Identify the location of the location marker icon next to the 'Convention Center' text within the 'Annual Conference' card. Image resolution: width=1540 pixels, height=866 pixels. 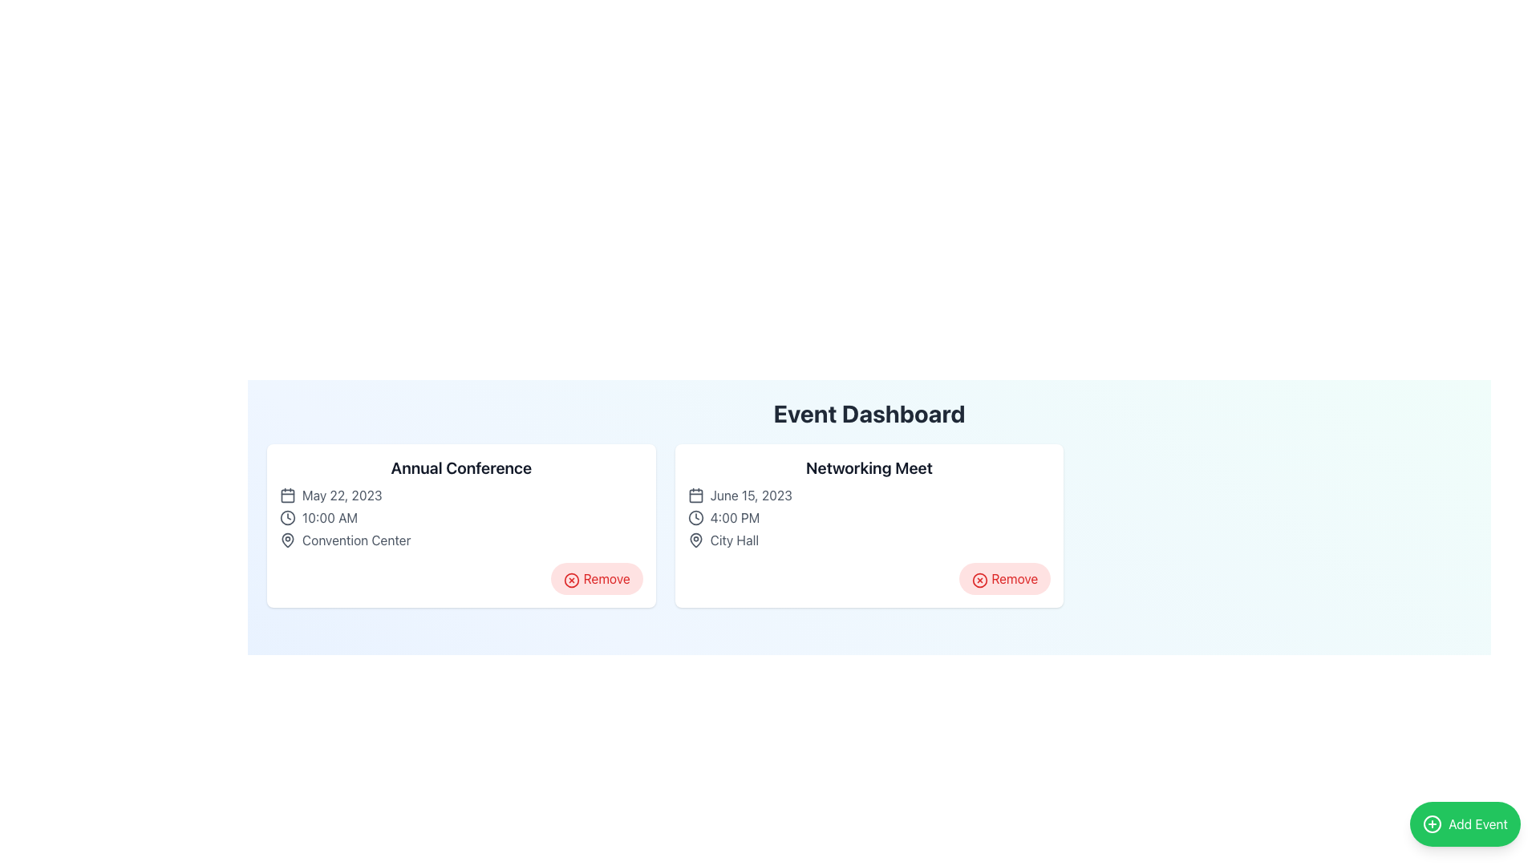
(288, 539).